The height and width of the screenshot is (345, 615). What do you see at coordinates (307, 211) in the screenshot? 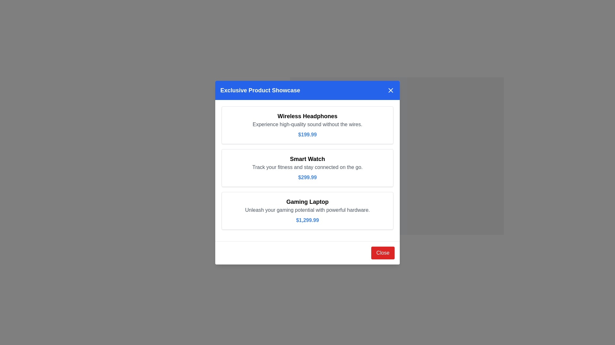
I see `text within the Informational card displaying the product name 'Gaming Laptop', description 'Unleash your gaming potential with powerful hardware.', and price '$1,299.99'` at bounding box center [307, 211].